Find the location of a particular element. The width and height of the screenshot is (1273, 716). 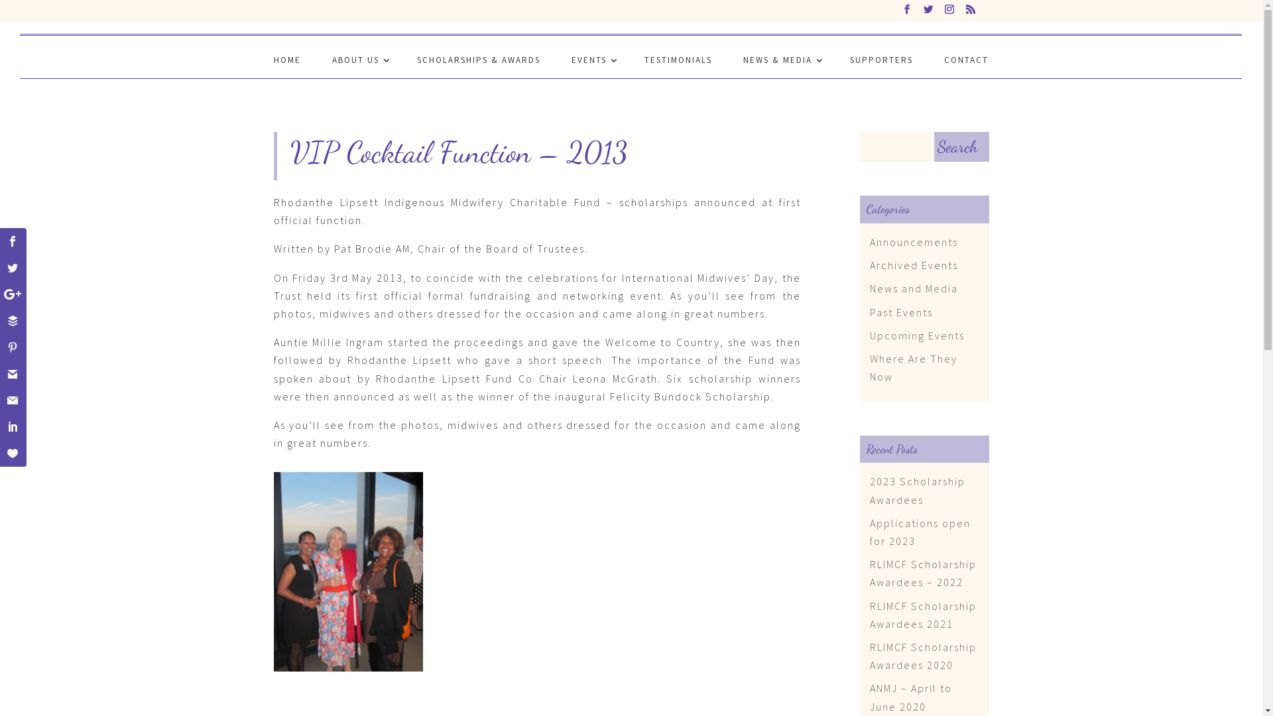

'RLIMCF Scholarship Awardees 2020' is located at coordinates (869, 655).